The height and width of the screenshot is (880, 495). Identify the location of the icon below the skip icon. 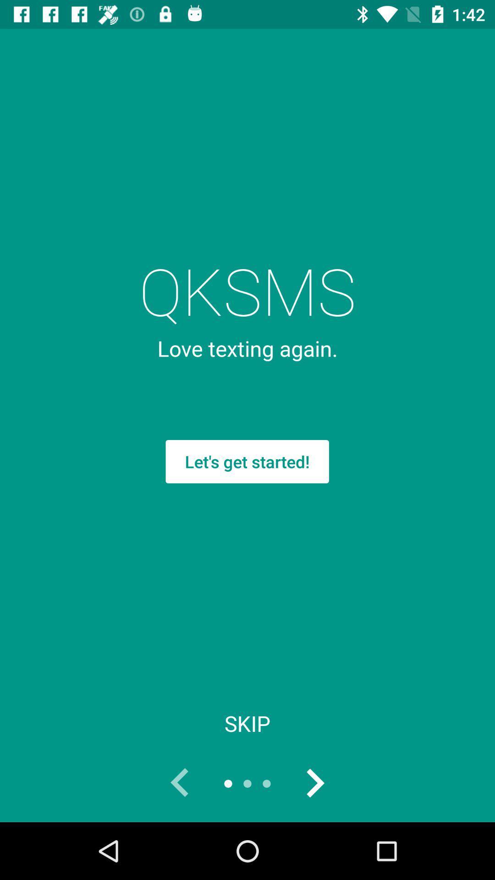
(180, 783).